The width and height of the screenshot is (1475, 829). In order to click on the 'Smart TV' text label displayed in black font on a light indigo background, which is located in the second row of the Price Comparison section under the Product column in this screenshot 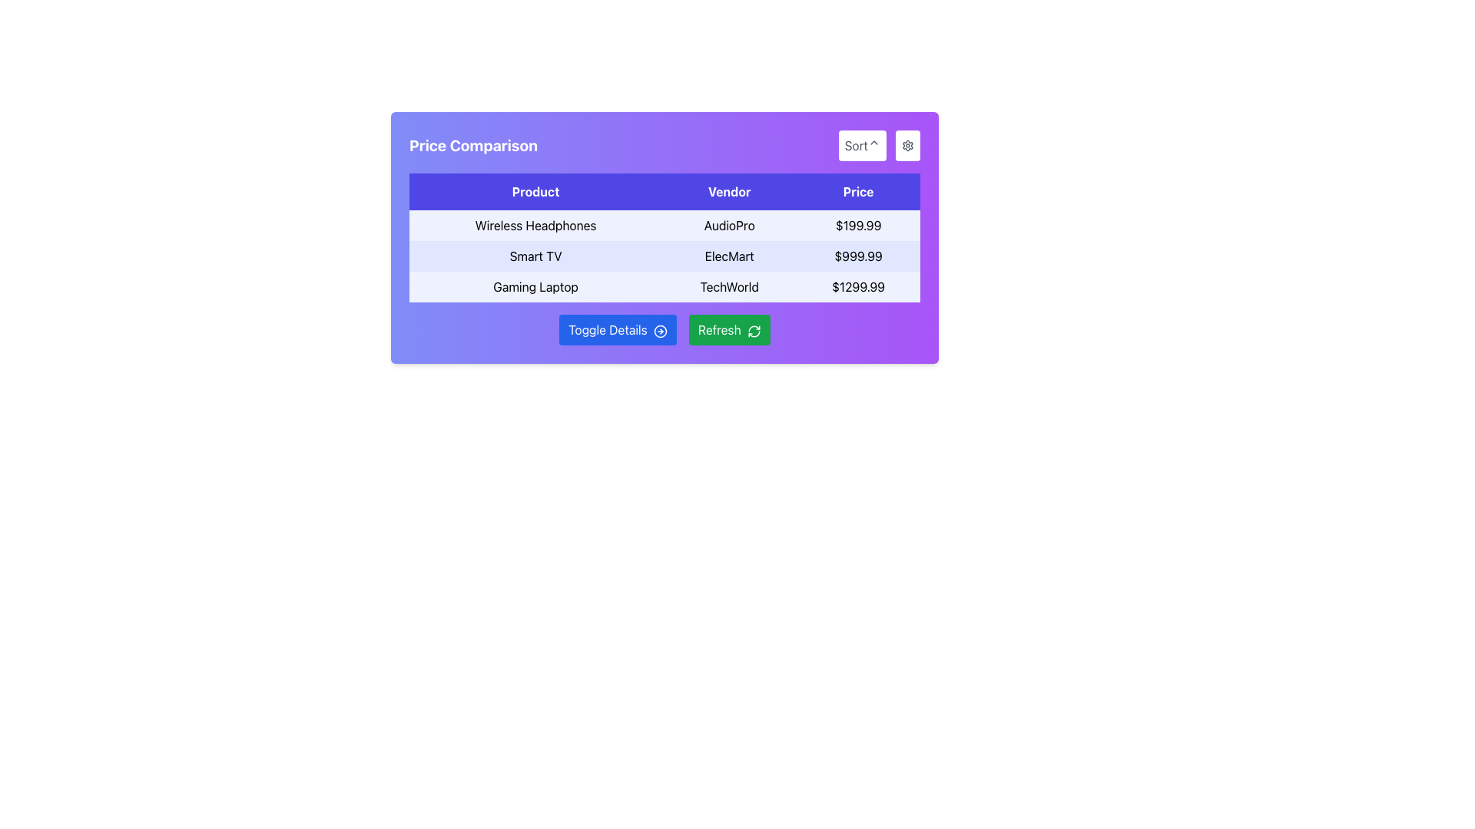, I will do `click(535, 256)`.